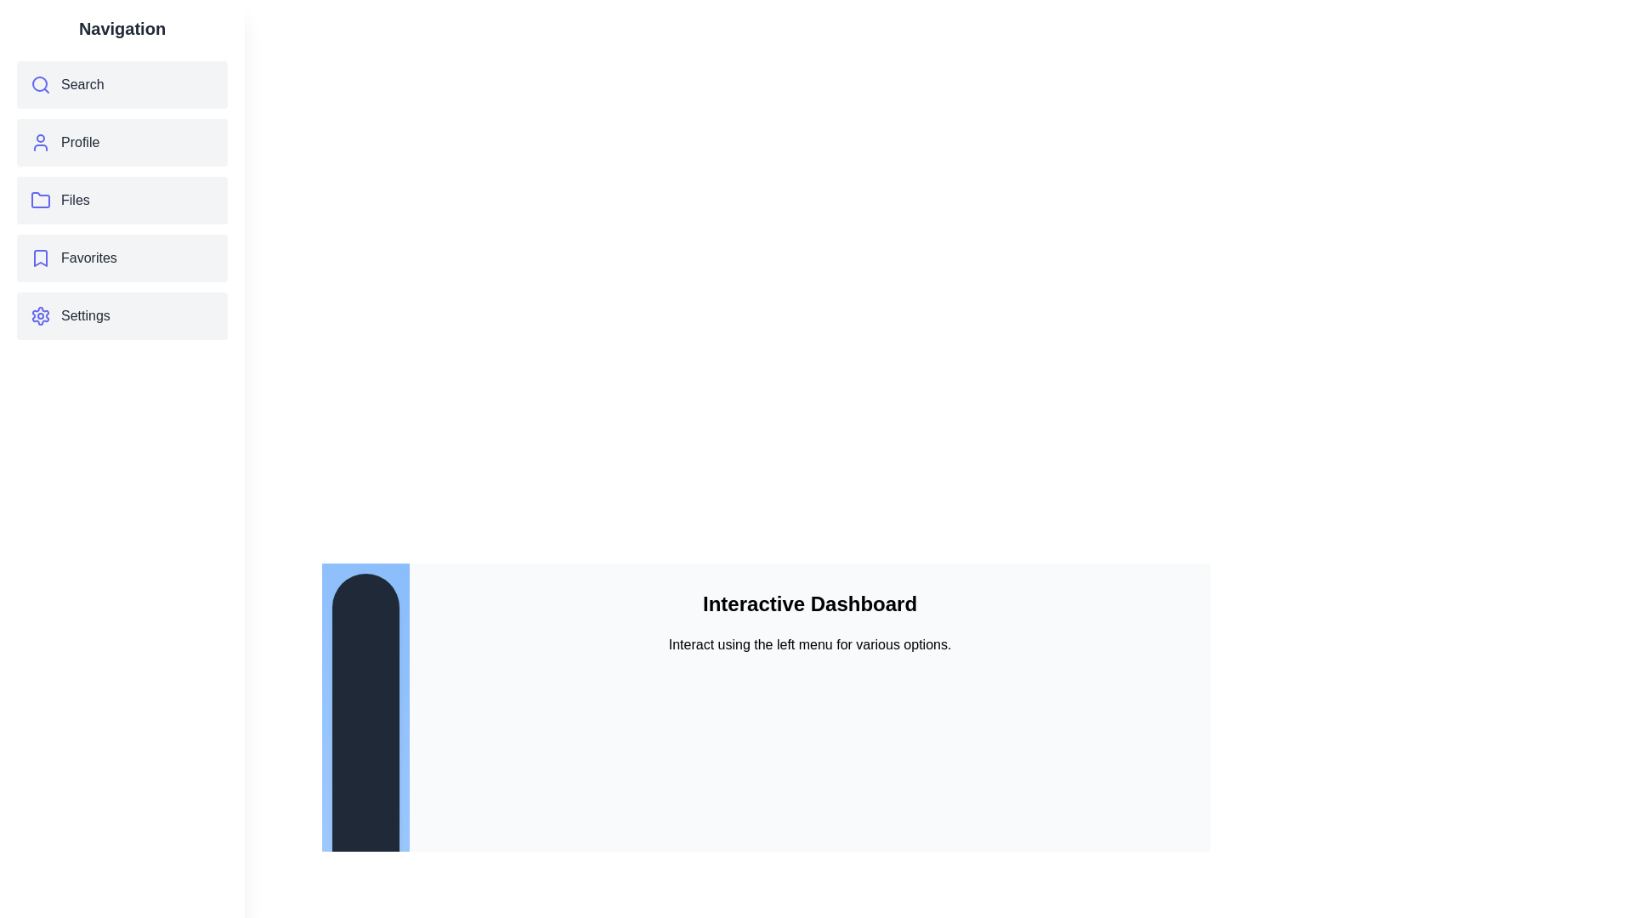  Describe the element at coordinates (41, 142) in the screenshot. I see `the icon corresponding to Profile in the sidebar` at that location.